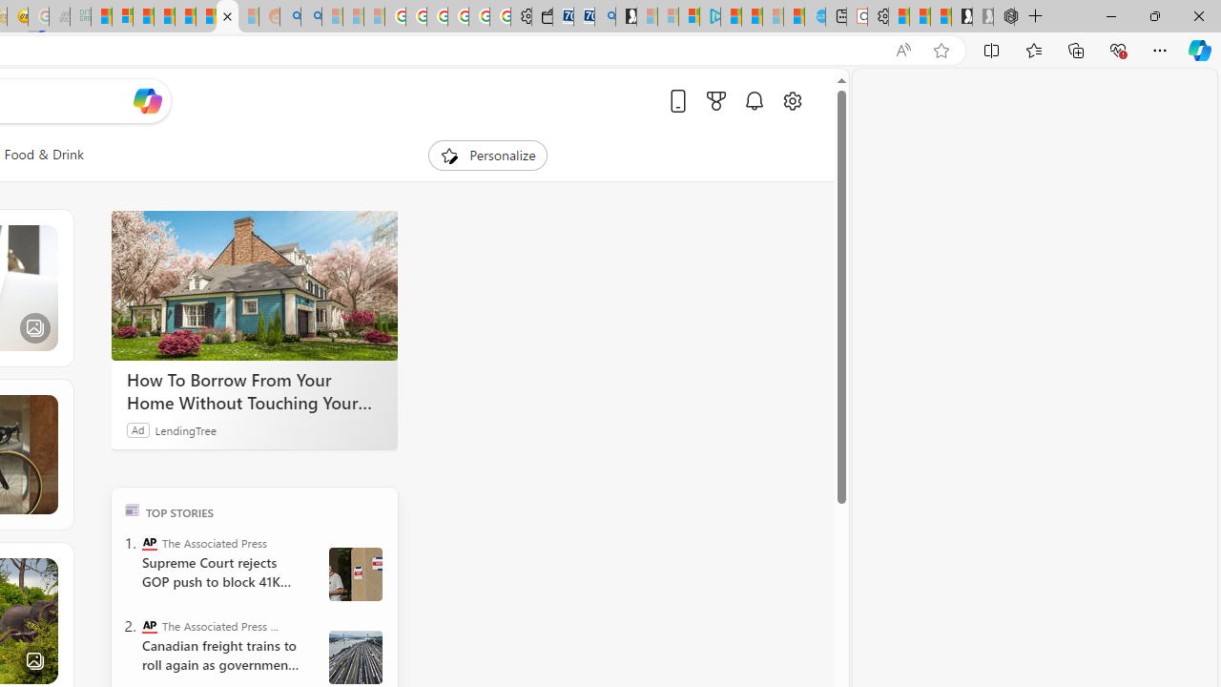 Image resolution: width=1221 pixels, height=687 pixels. Describe the element at coordinates (137, 429) in the screenshot. I see `'Ad'` at that location.